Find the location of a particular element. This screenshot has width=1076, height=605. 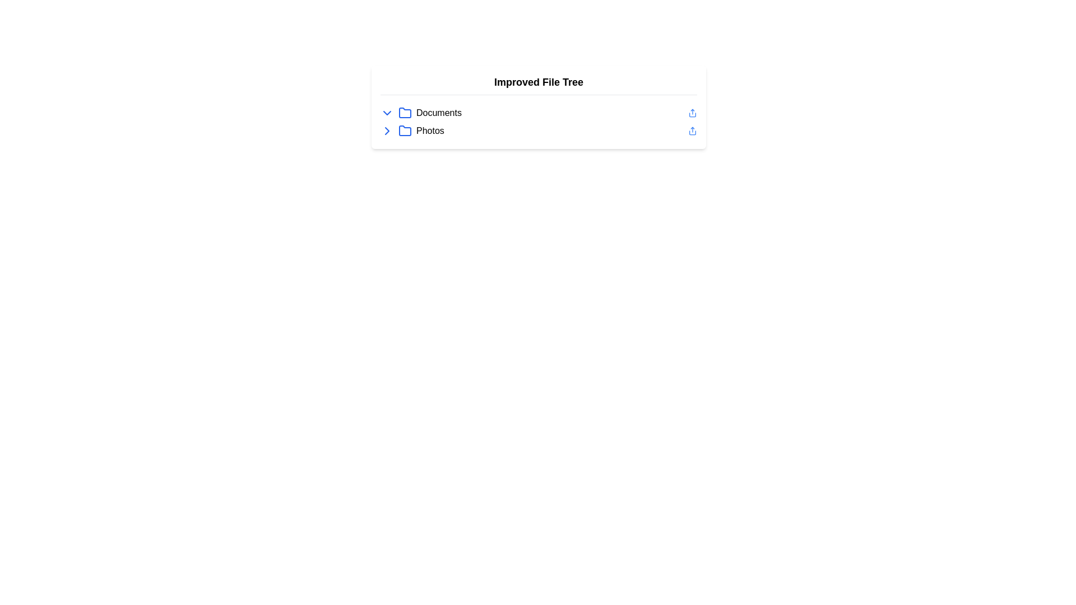

the rightward-pointing chevron icon next to the 'Photos' entry in the directory interface is located at coordinates (387, 131).